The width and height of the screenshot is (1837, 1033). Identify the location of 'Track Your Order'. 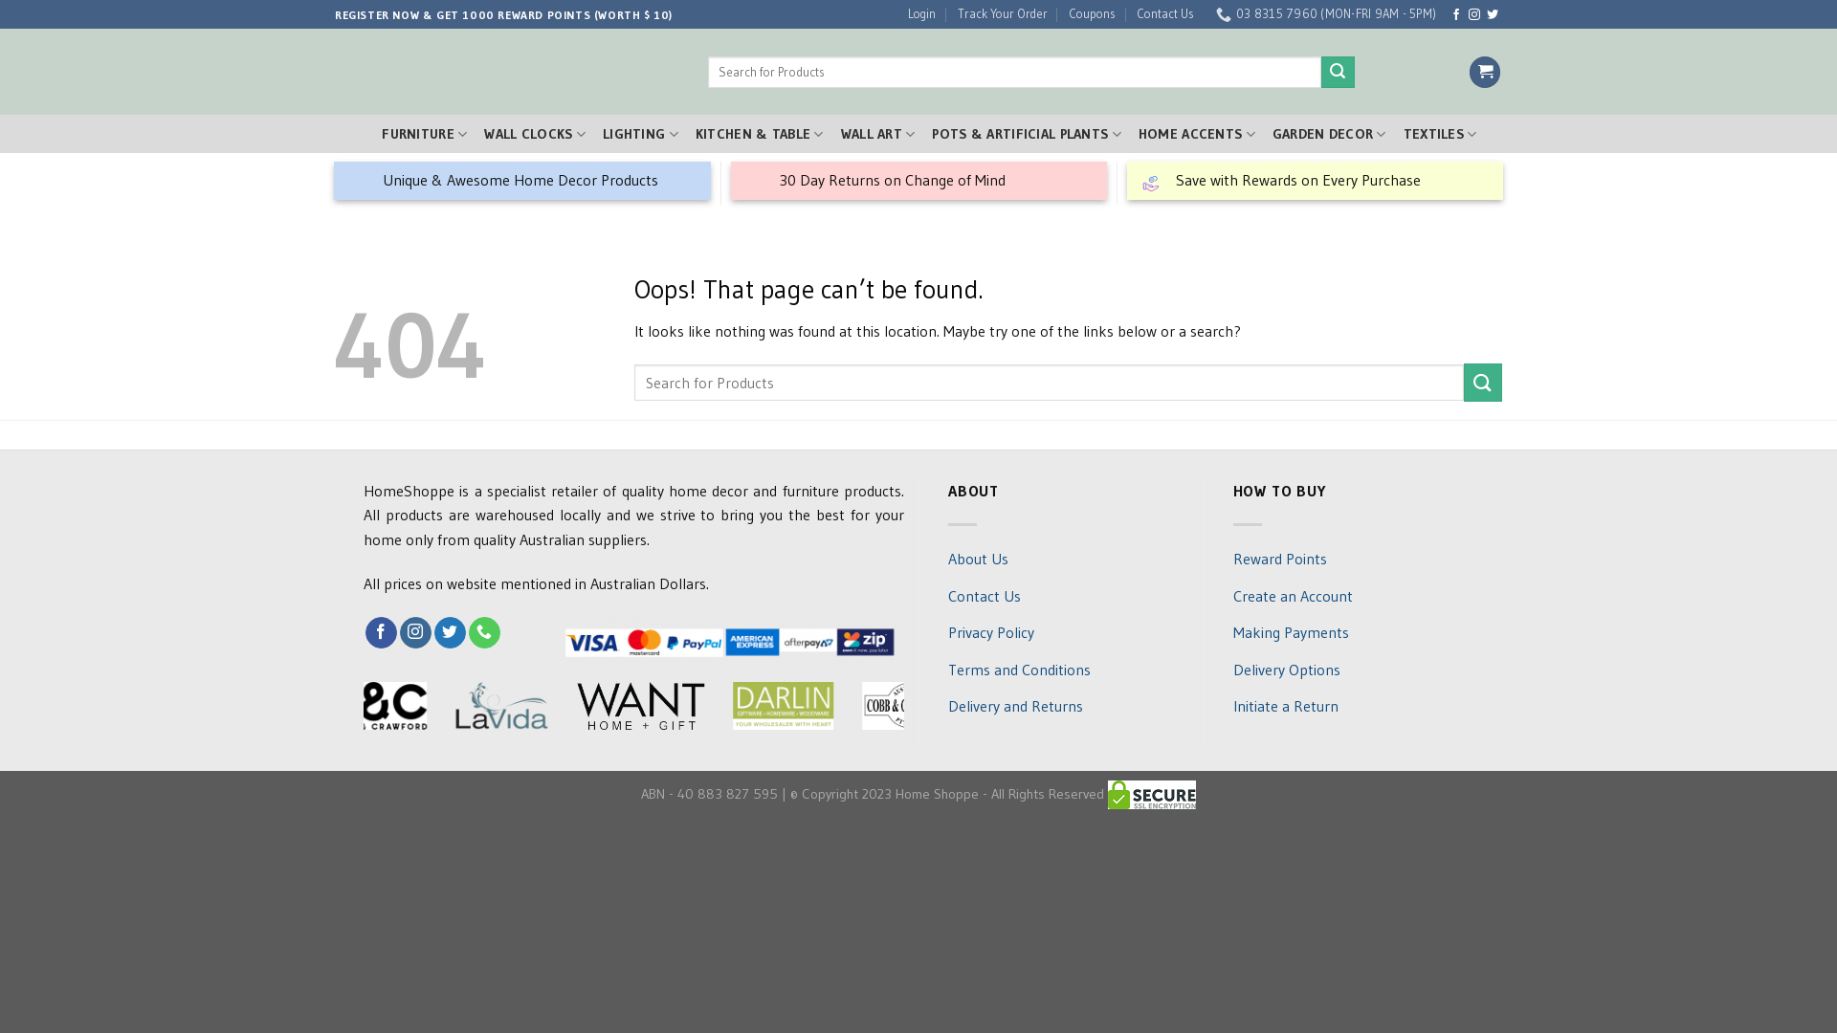
(995, 14).